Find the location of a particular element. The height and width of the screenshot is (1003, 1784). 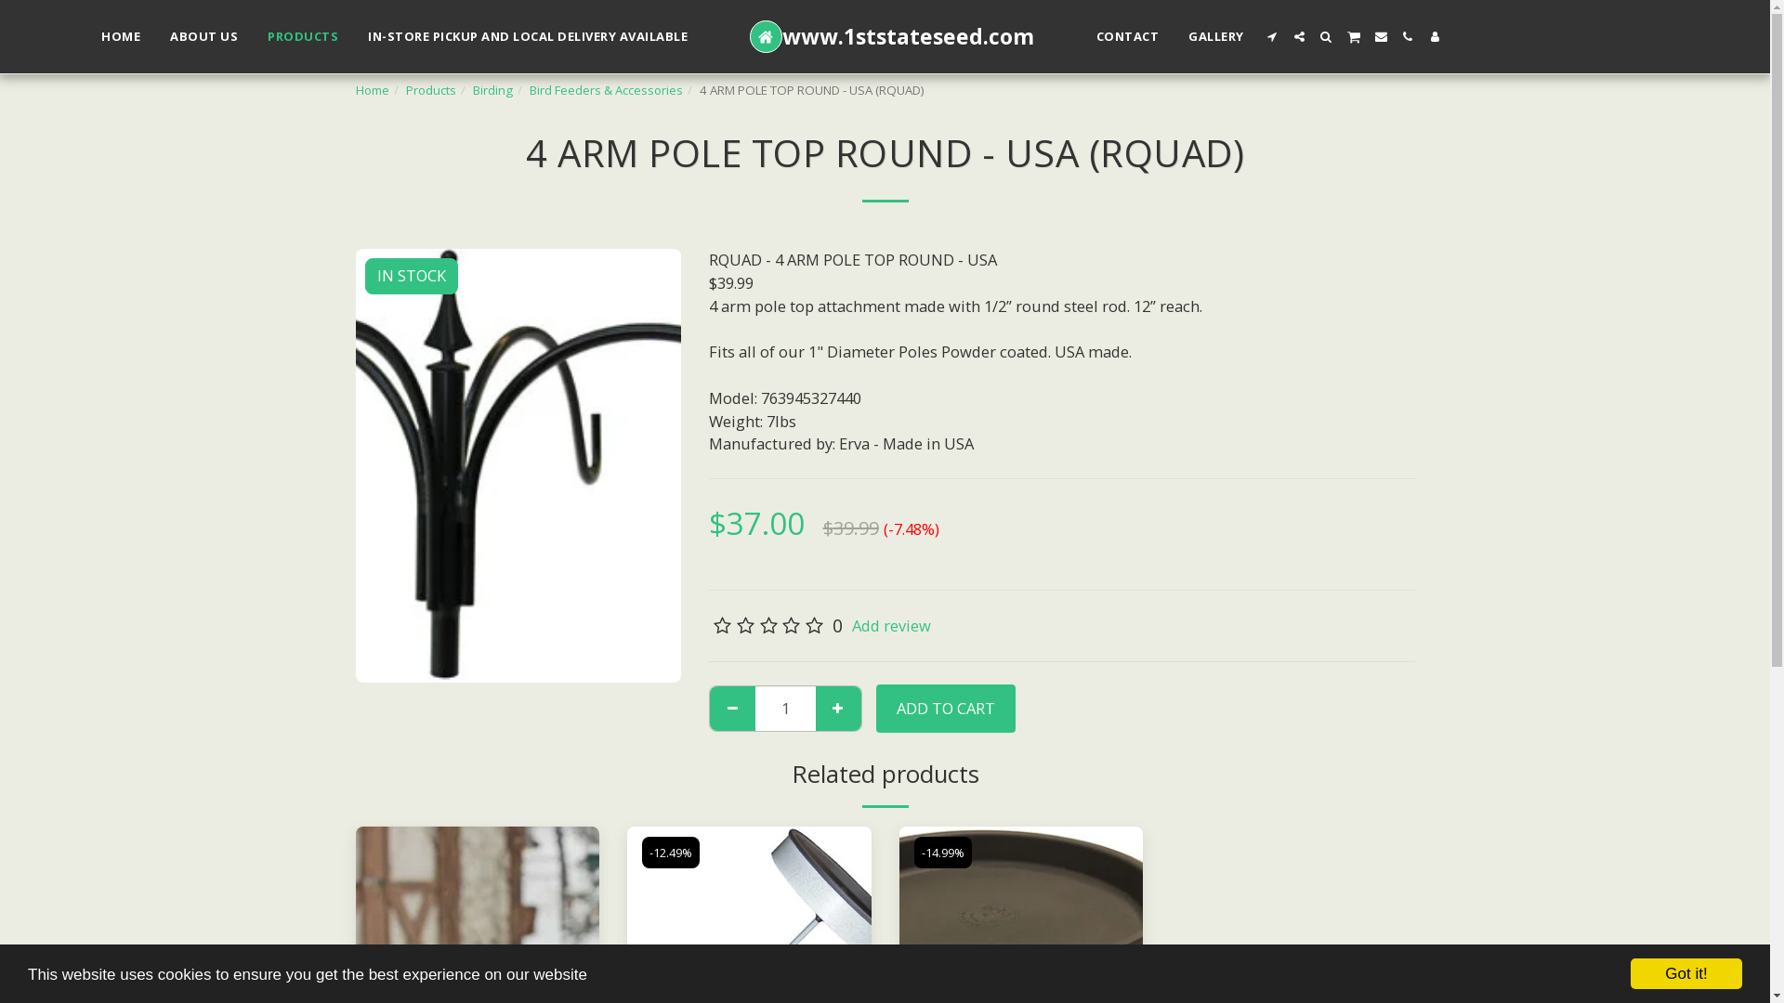

'Got it!' is located at coordinates (1686, 972).